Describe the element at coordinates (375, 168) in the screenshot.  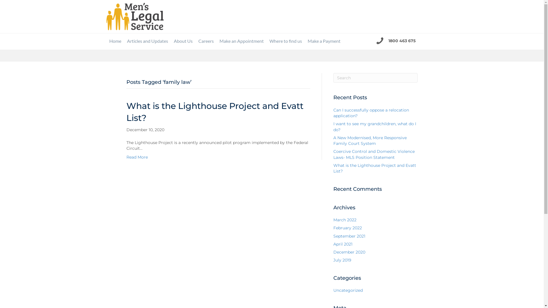
I see `'What is the Lighthouse Project and Evatt List?'` at that location.